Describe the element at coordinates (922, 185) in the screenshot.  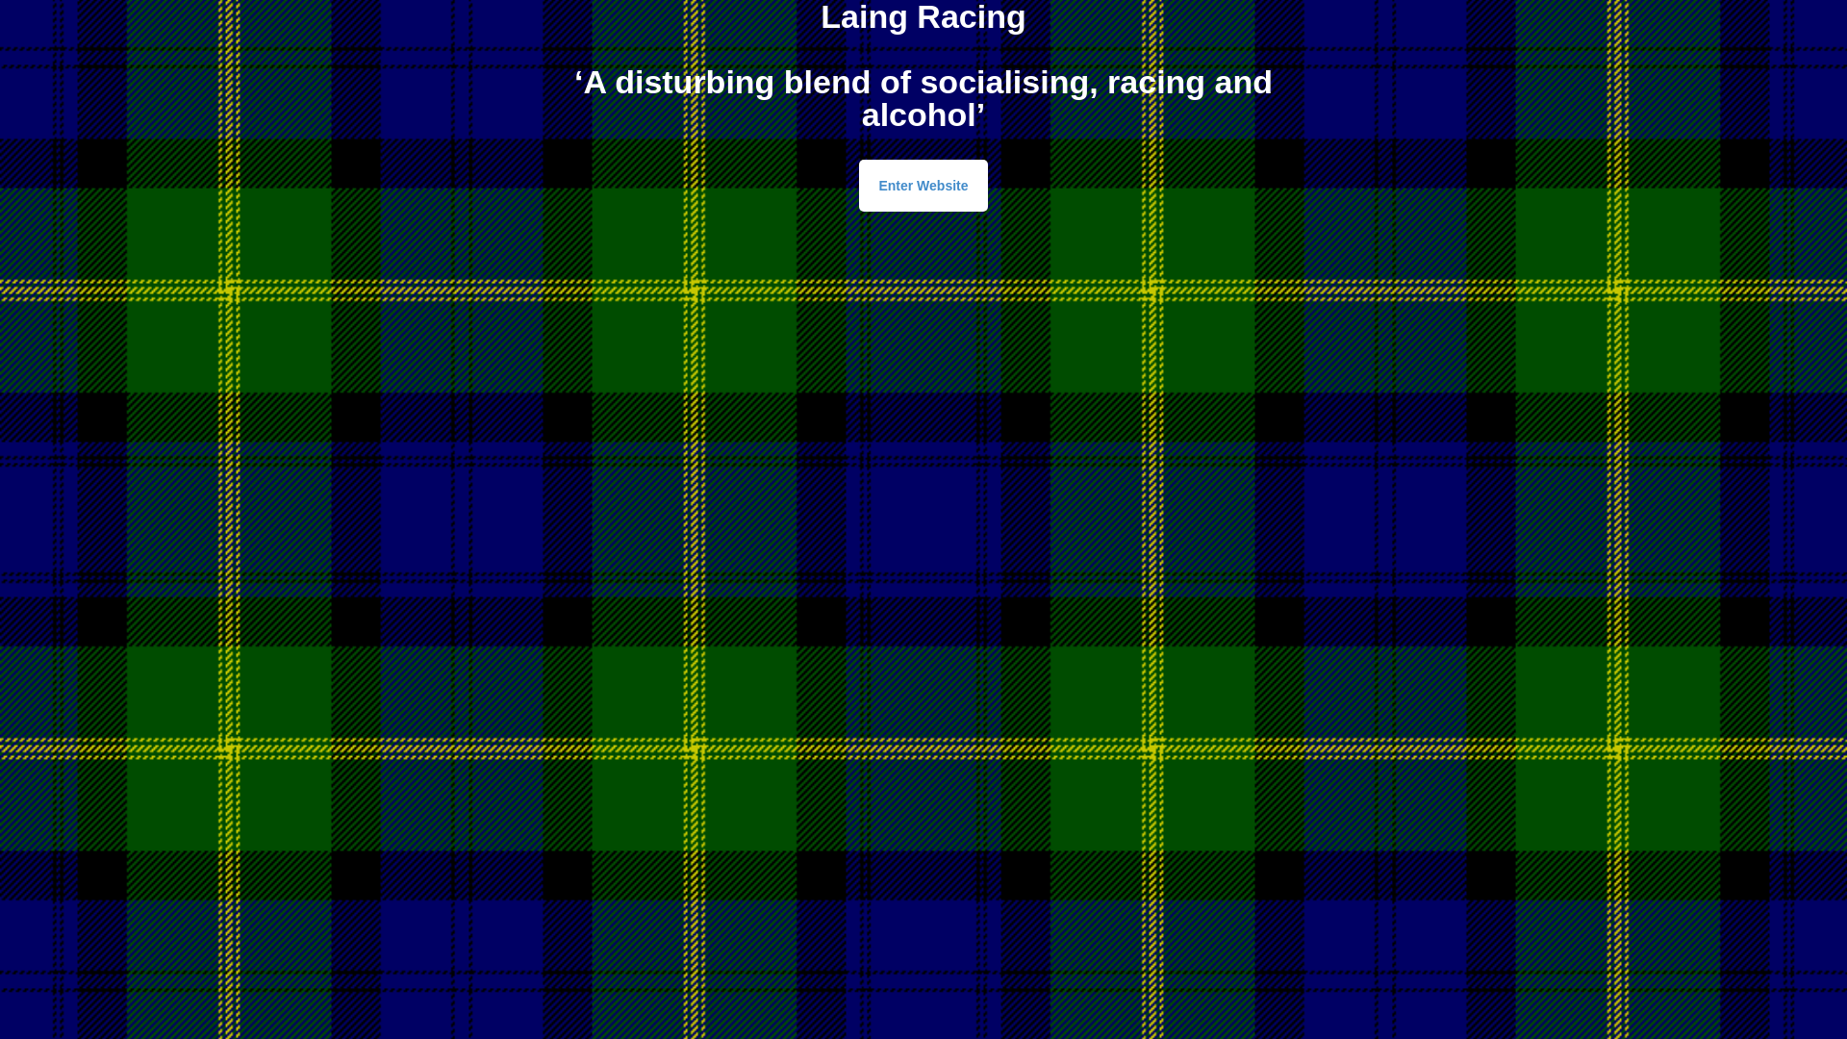
I see `'Enter Website'` at that location.